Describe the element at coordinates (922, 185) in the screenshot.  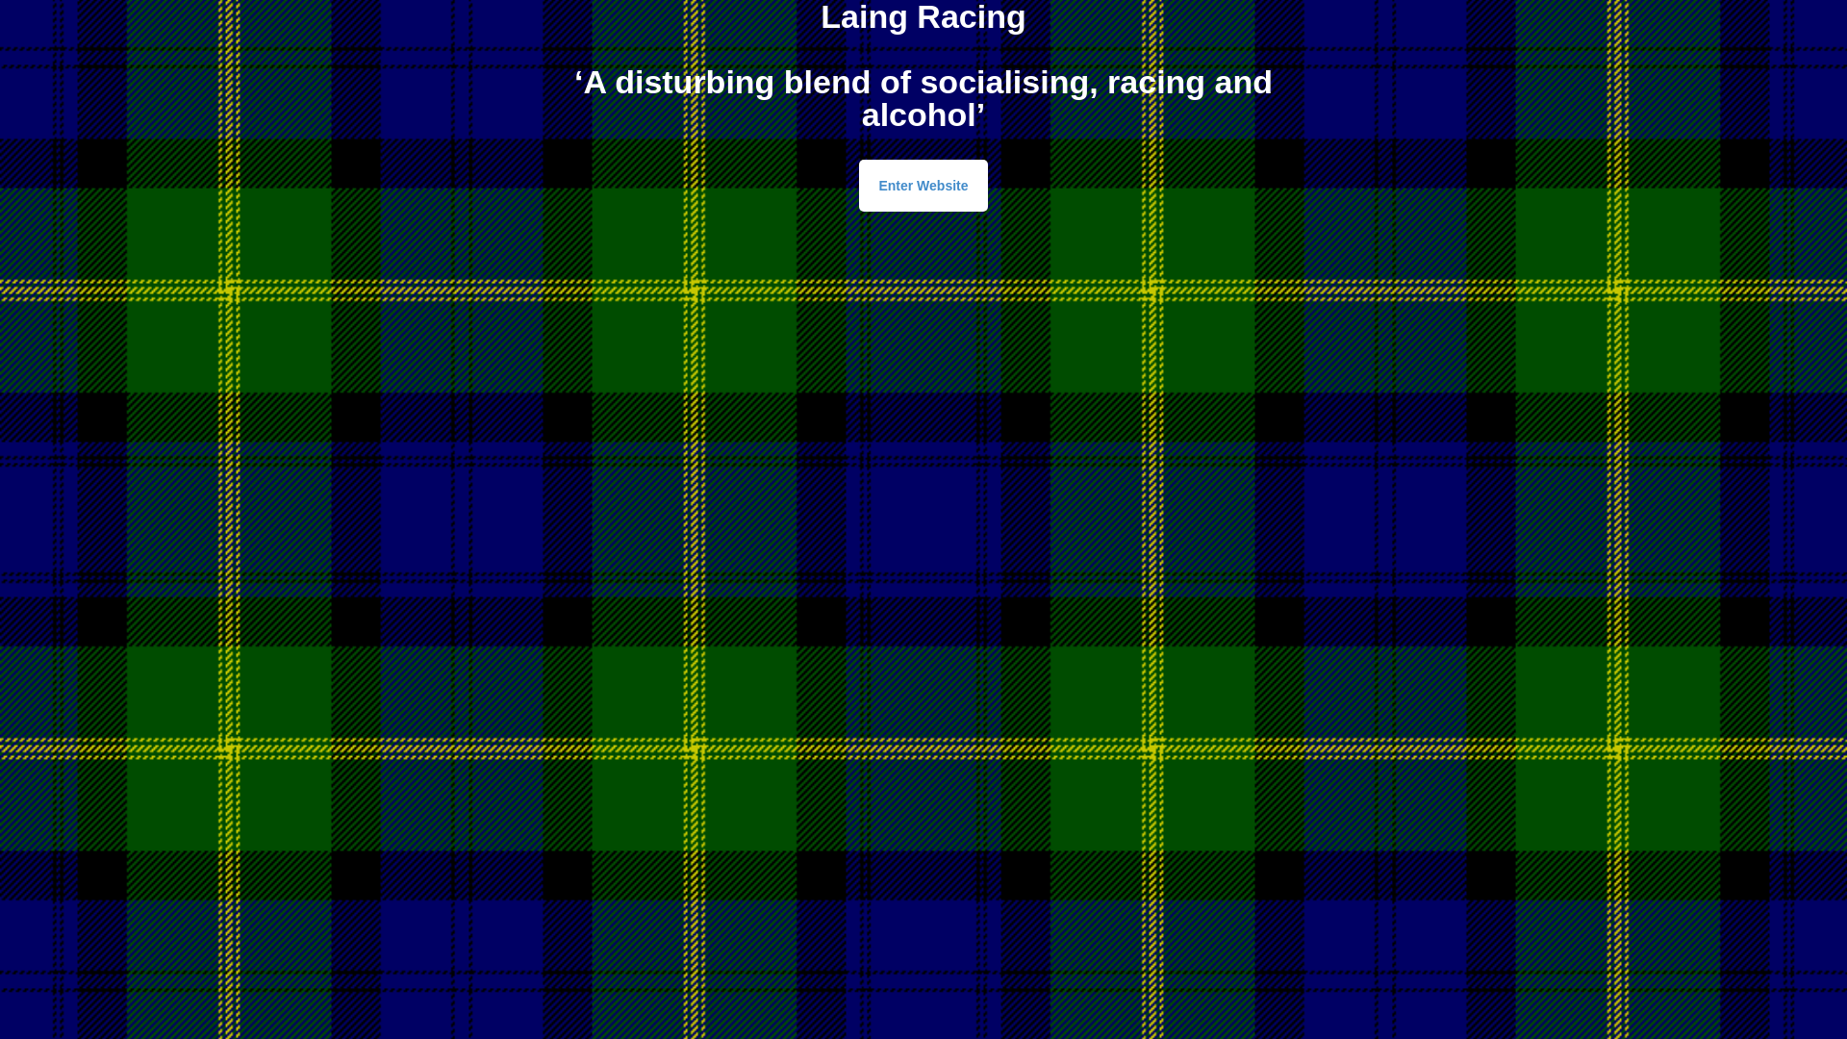
I see `'Enter Website'` at that location.